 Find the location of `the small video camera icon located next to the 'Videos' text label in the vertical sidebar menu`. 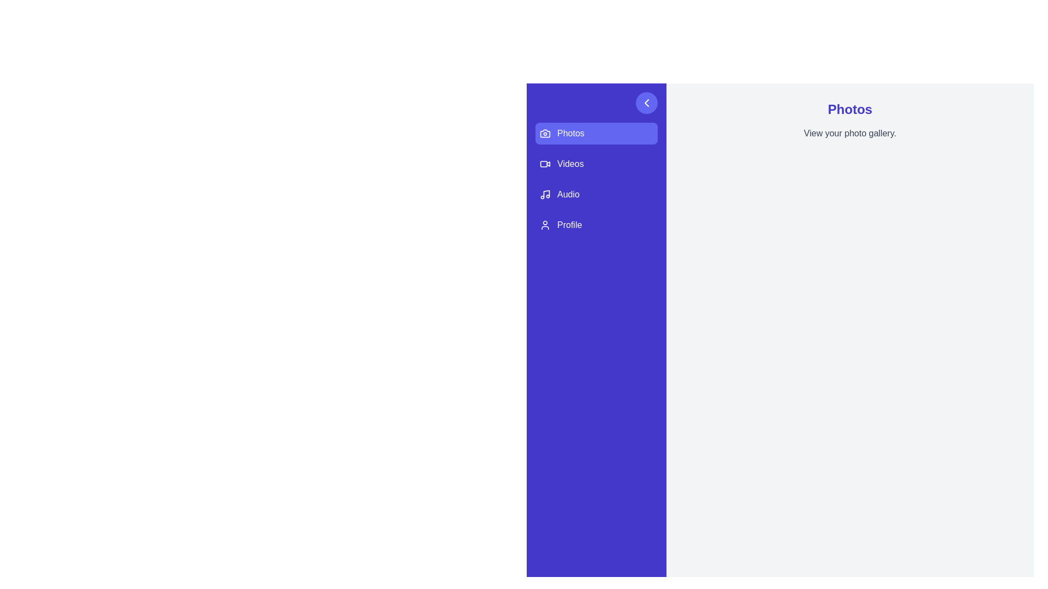

the small video camera icon located next to the 'Videos' text label in the vertical sidebar menu is located at coordinates (545, 164).